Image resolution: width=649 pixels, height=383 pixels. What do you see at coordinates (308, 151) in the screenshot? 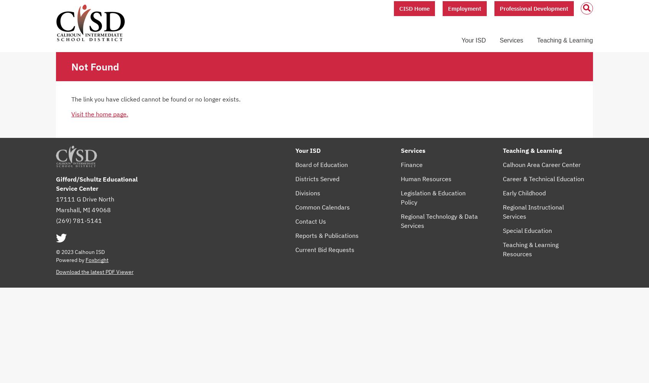
I see `'Your ISD'` at bounding box center [308, 151].